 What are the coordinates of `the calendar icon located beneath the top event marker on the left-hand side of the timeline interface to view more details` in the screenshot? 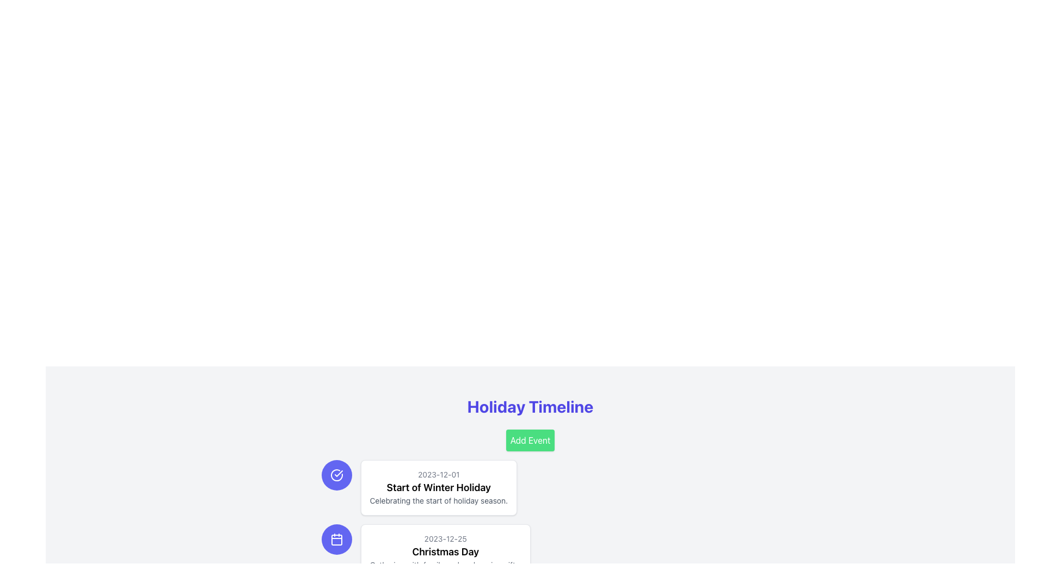 It's located at (336, 540).